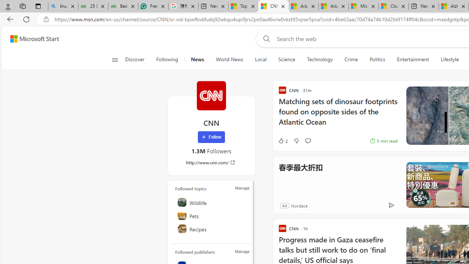  Describe the element at coordinates (273, 6) in the screenshot. I see `'CNN - MSN'` at that location.